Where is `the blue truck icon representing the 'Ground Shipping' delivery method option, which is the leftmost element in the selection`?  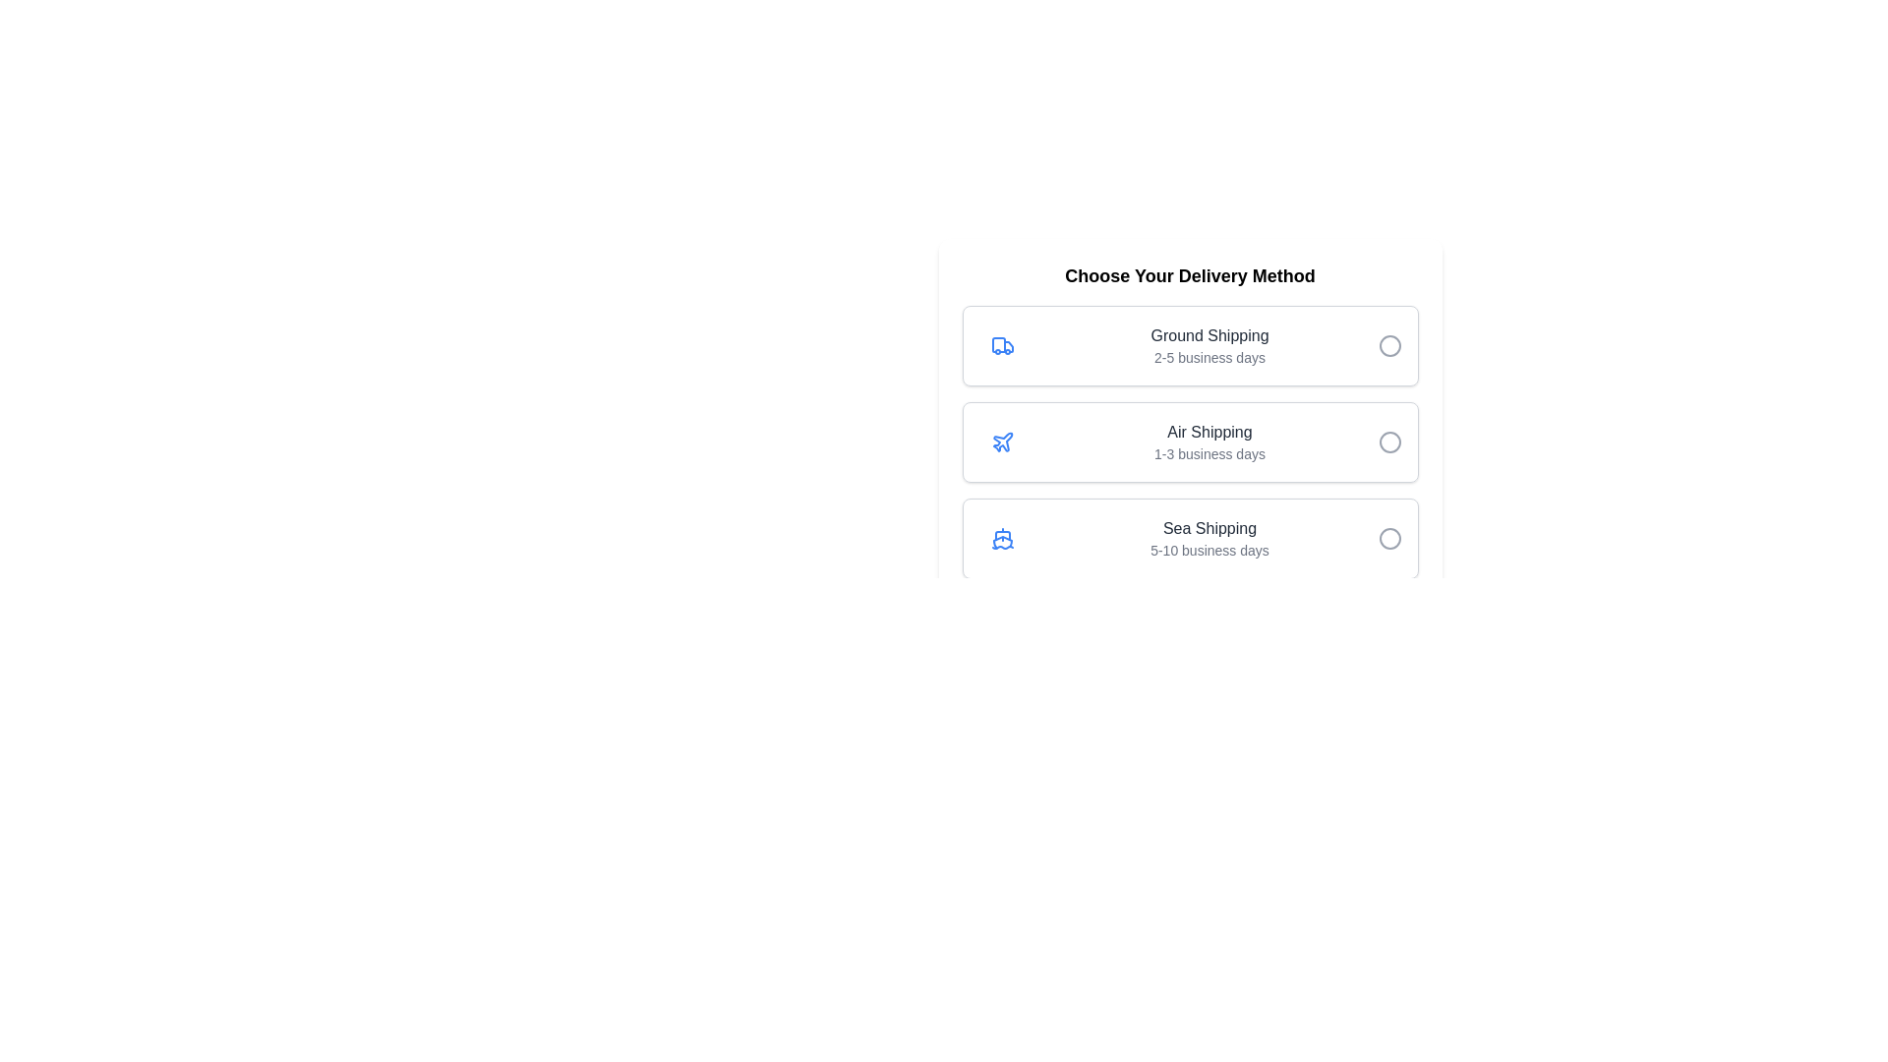
the blue truck icon representing the 'Ground Shipping' delivery method option, which is the leftmost element in the selection is located at coordinates (1002, 344).